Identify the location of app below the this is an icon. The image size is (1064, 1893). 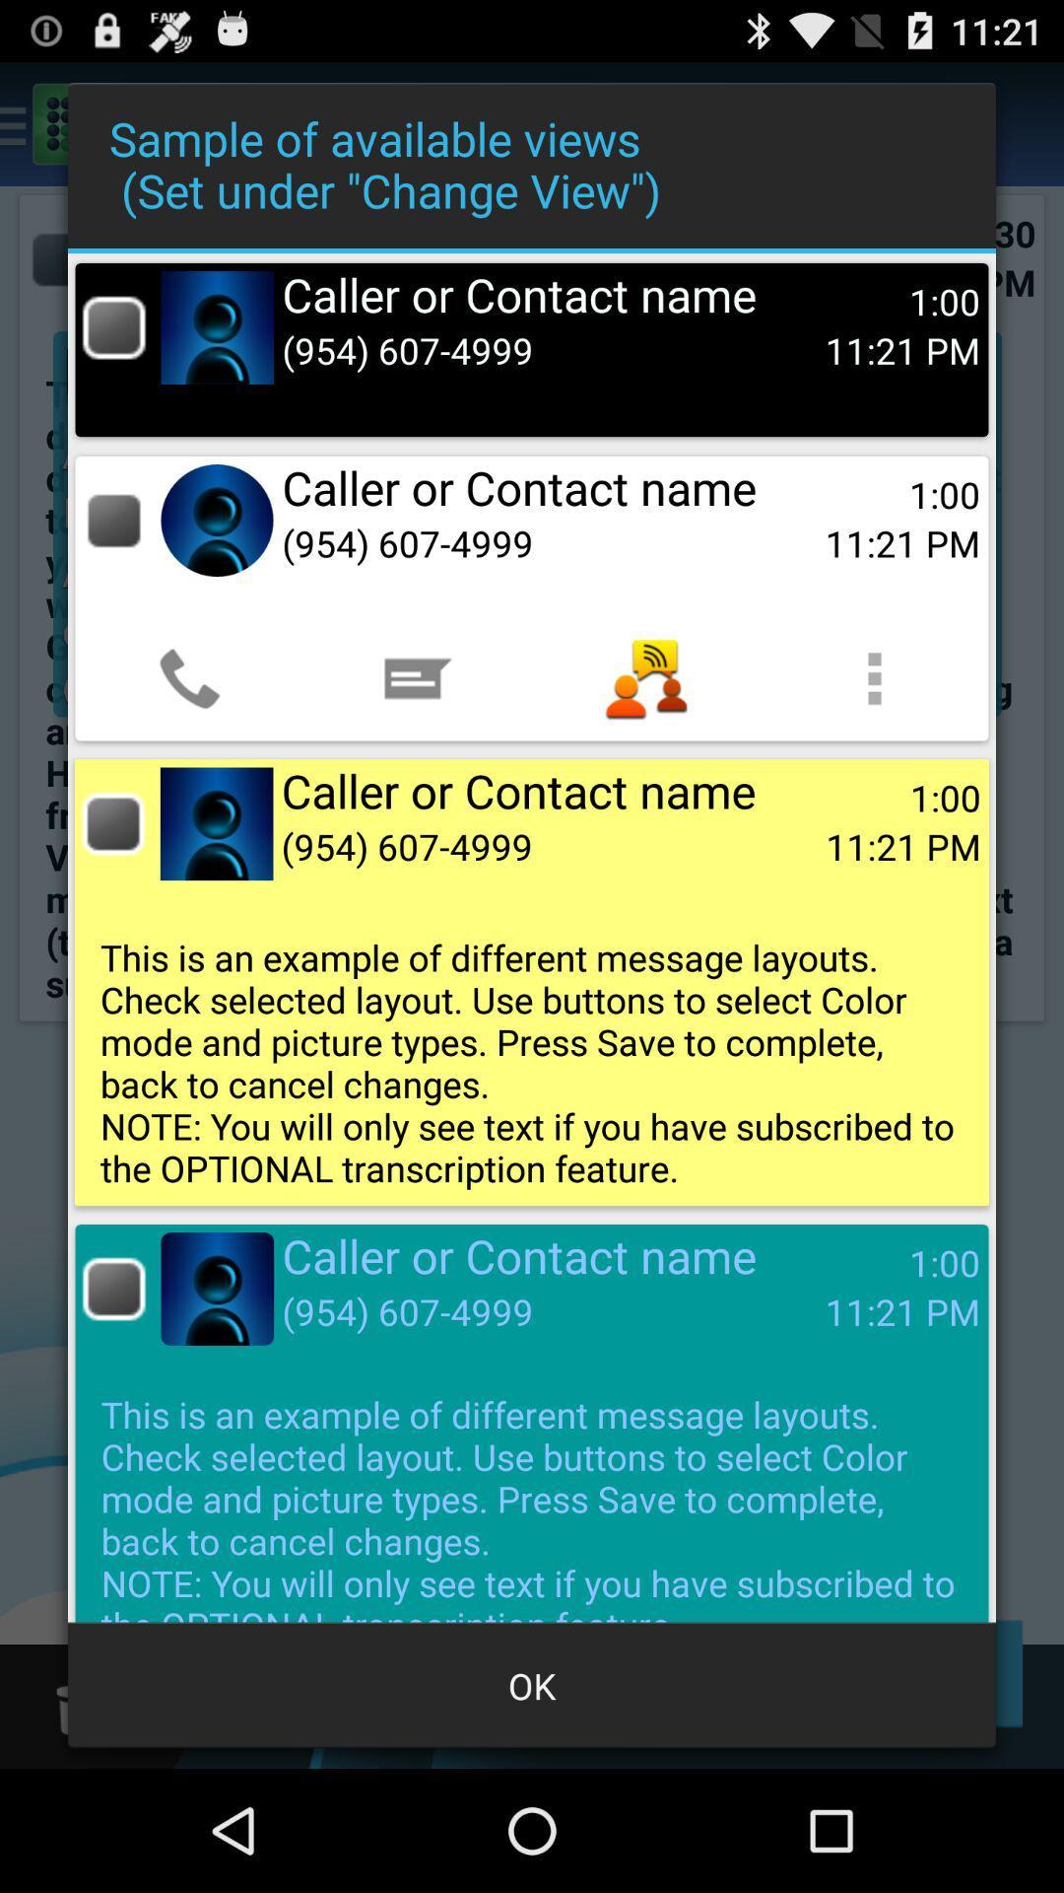
(532, 1684).